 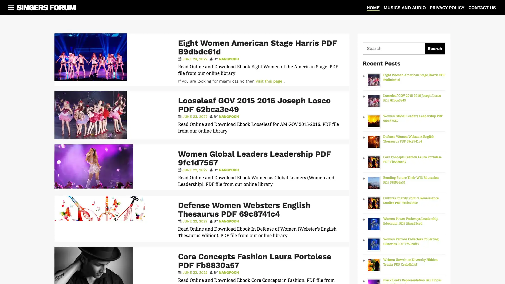 I want to click on Search, so click(x=435, y=48).